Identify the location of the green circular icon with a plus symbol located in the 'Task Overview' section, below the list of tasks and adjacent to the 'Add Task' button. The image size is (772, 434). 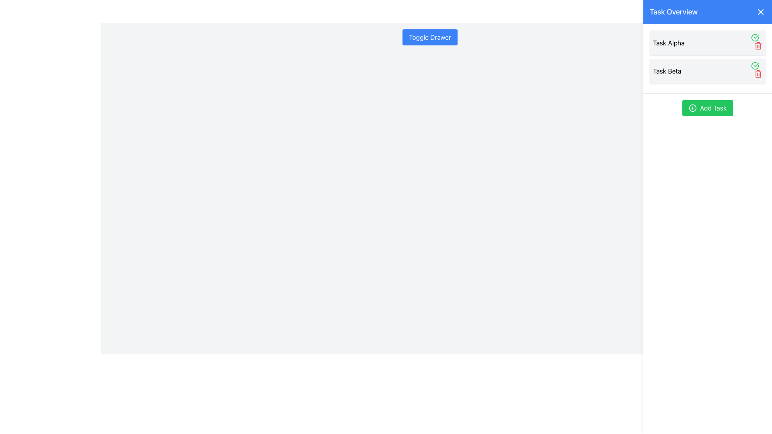
(692, 108).